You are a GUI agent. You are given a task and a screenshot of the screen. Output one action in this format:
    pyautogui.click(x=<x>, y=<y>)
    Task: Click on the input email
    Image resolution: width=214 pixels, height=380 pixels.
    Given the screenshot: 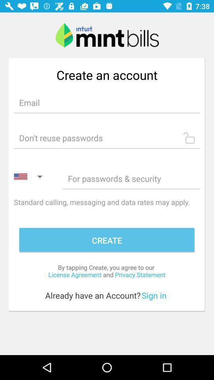 What is the action you would take?
    pyautogui.click(x=107, y=102)
    